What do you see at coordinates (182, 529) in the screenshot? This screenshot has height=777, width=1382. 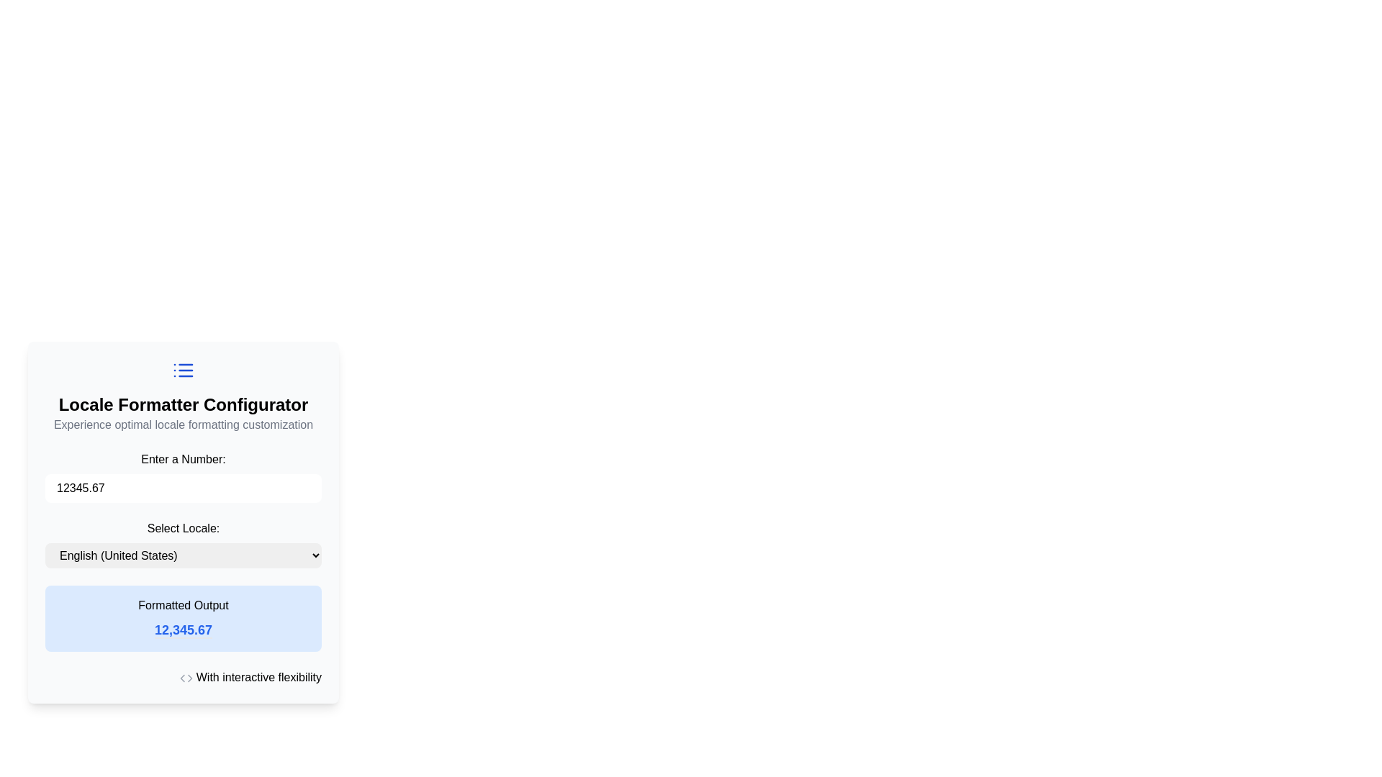 I see `text label that informs the user about the purpose of the dropdown menu for locale selection, located above the dropdown and below the input field for entering a number` at bounding box center [182, 529].